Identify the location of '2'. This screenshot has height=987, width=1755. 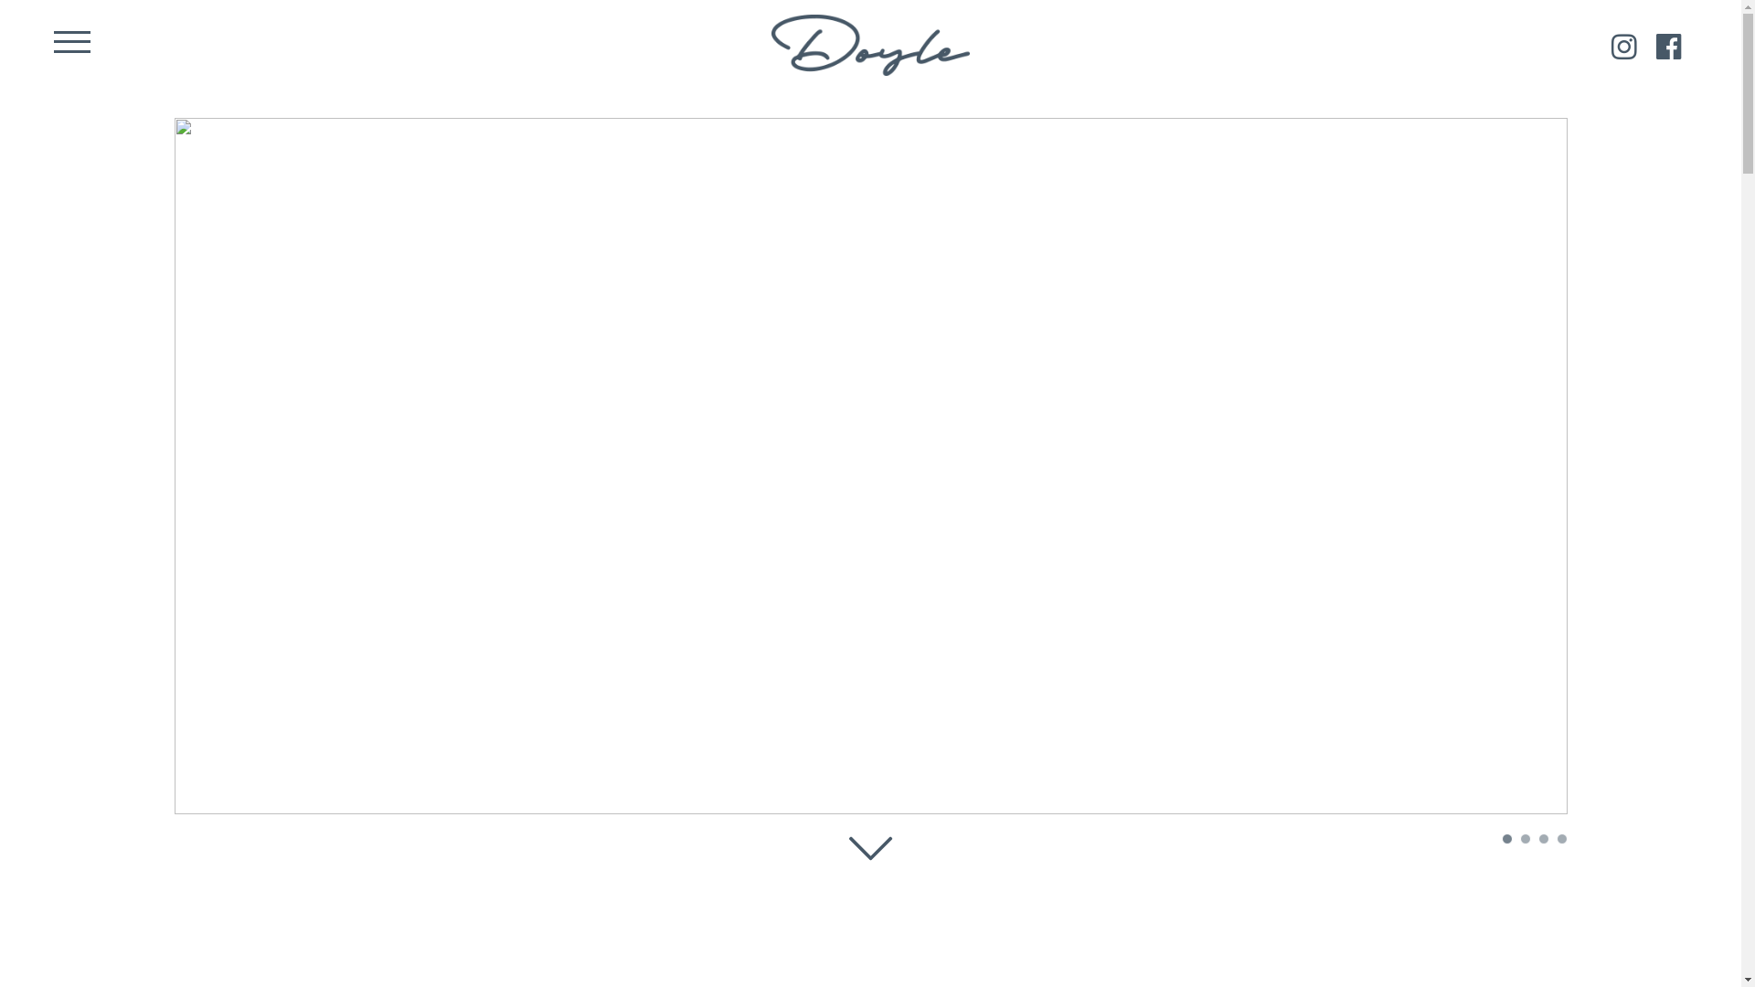
(1521, 839).